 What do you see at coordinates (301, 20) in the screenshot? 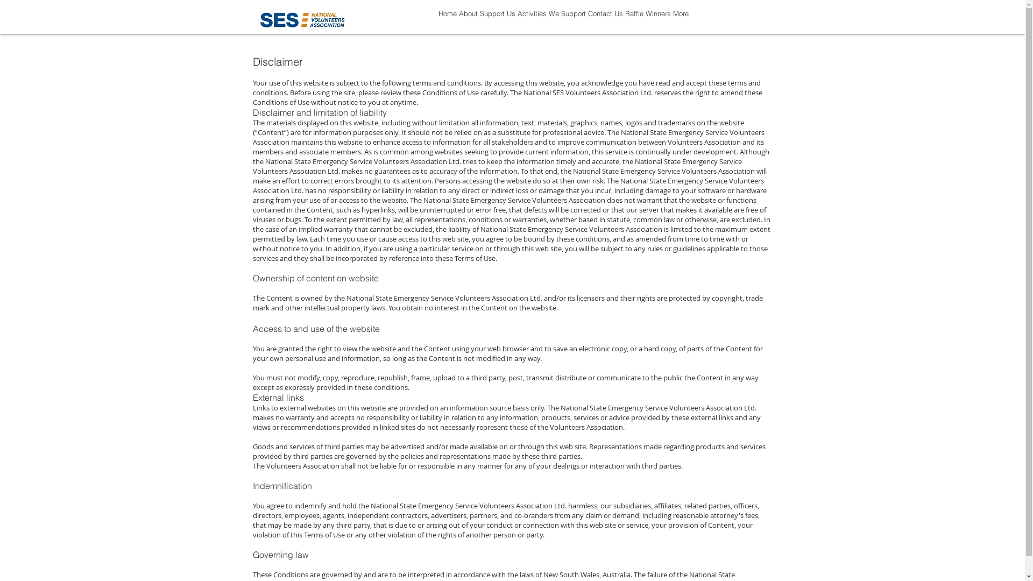
I see `'SES National.VA_LOGO.jpg'` at bounding box center [301, 20].